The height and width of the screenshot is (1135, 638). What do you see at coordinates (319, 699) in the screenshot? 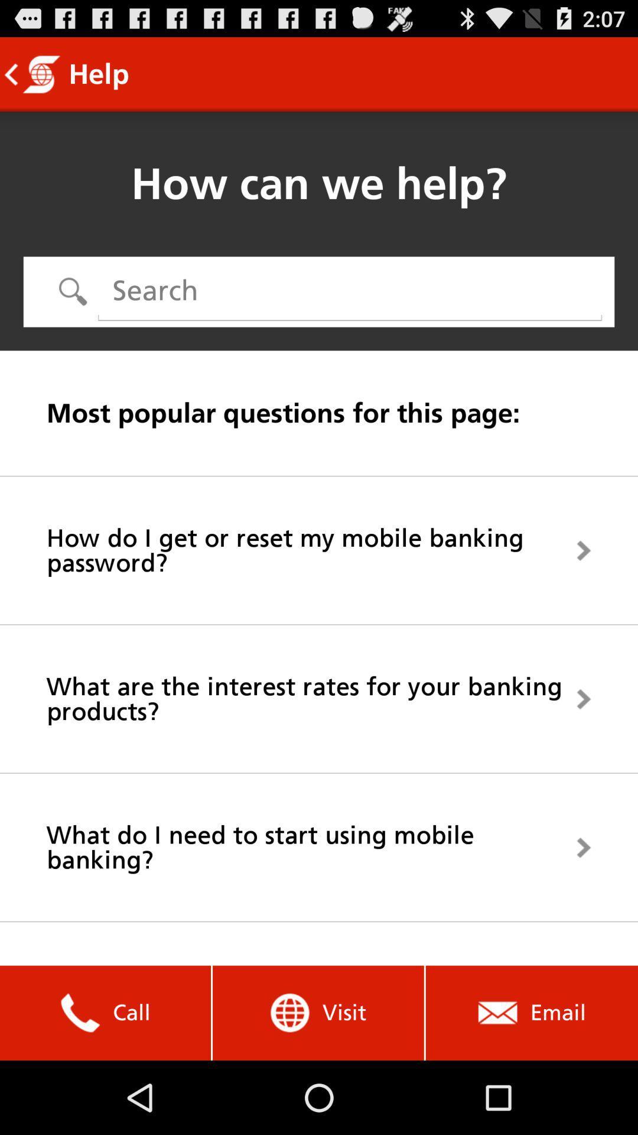
I see `the app below how do i item` at bounding box center [319, 699].